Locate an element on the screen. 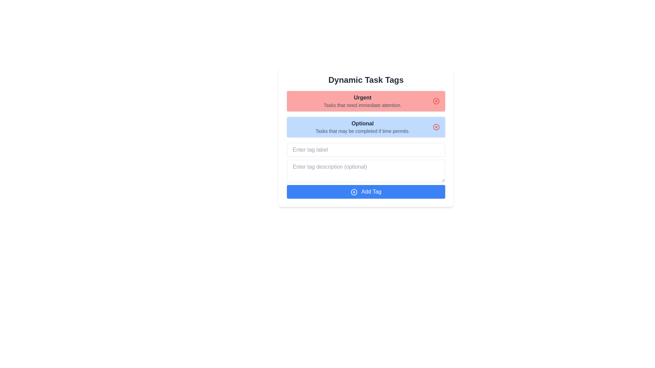  the circular icon featuring a plus symbol ('+') inside it, which is located to the left of the 'Add Tag' text is located at coordinates (354, 192).